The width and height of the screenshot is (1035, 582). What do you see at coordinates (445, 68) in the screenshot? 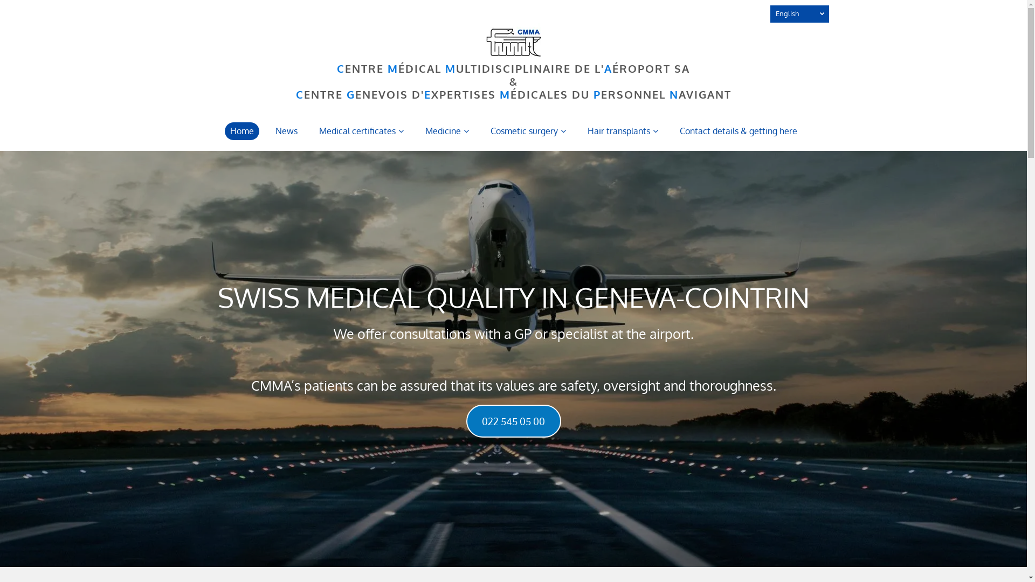
I see `'M'` at bounding box center [445, 68].